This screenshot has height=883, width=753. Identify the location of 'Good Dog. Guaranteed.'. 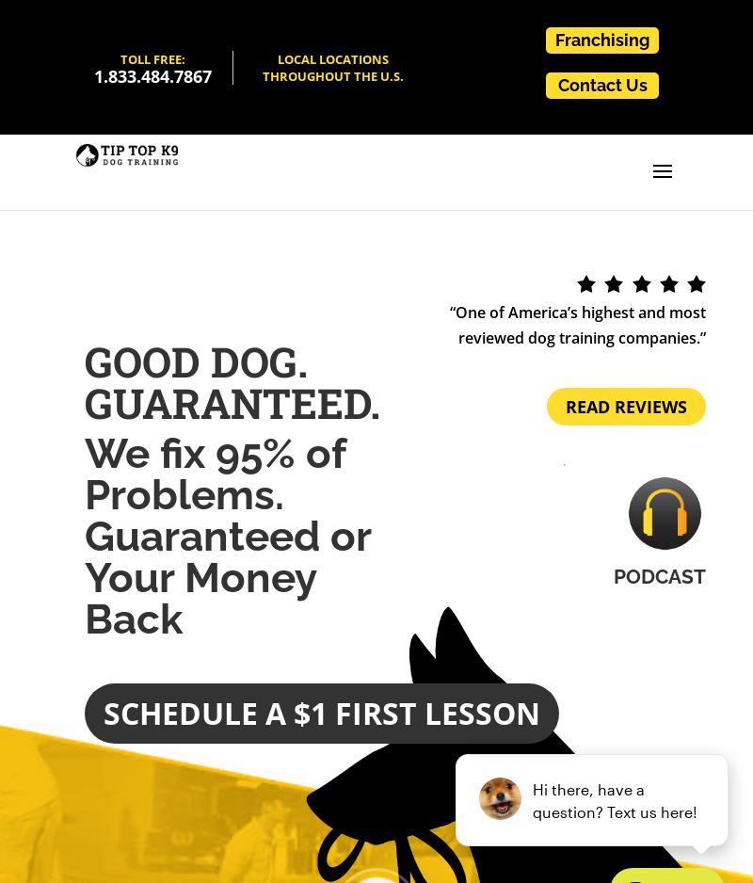
(85, 381).